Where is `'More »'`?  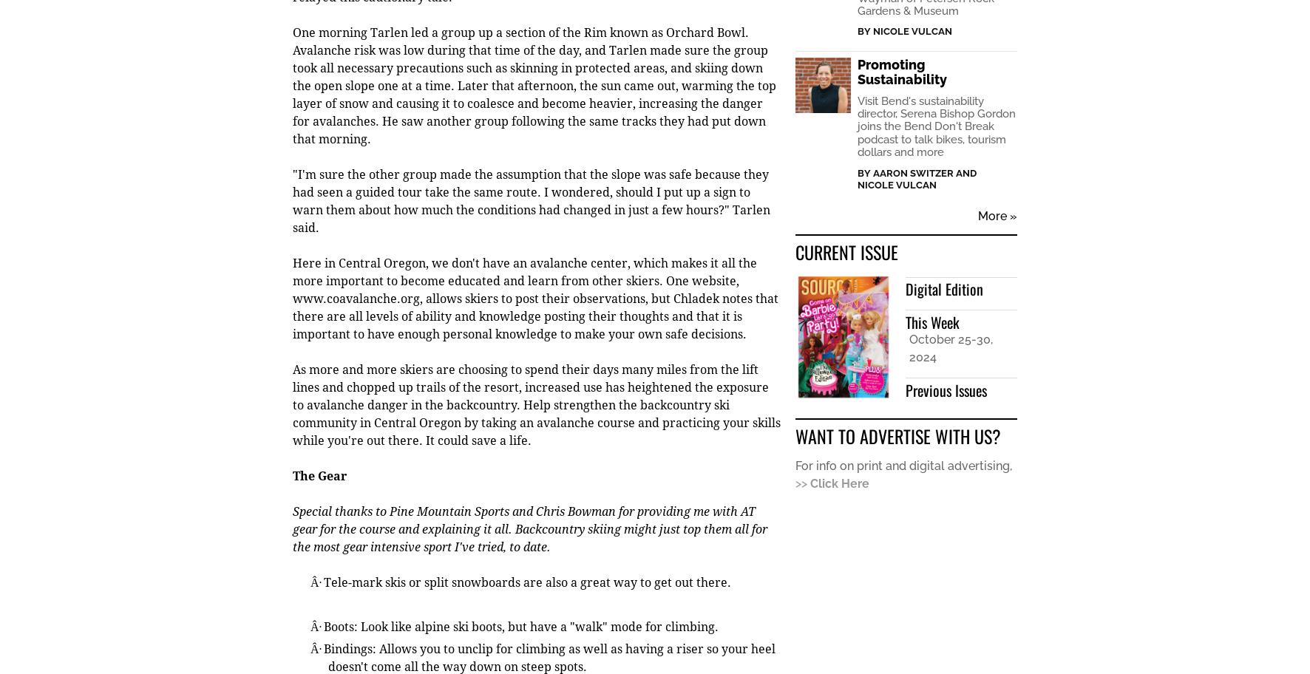
'More »' is located at coordinates (997, 217).